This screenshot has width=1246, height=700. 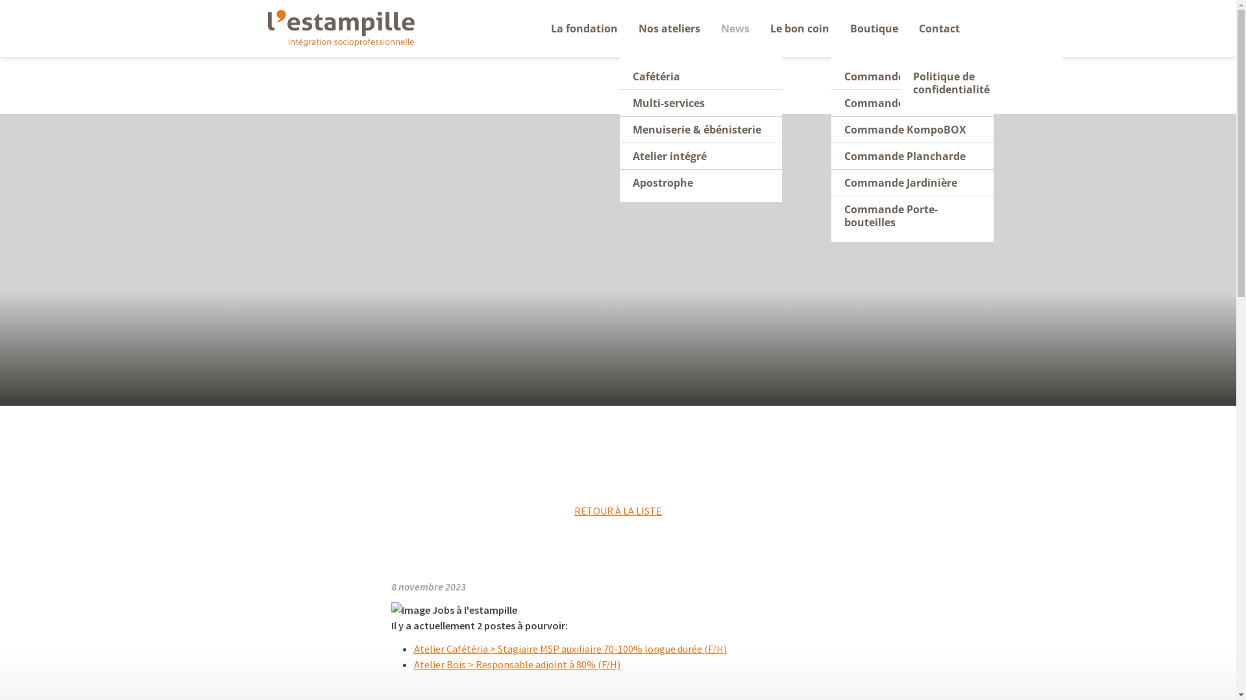 I want to click on 'Commande Plancharde', so click(x=831, y=156).